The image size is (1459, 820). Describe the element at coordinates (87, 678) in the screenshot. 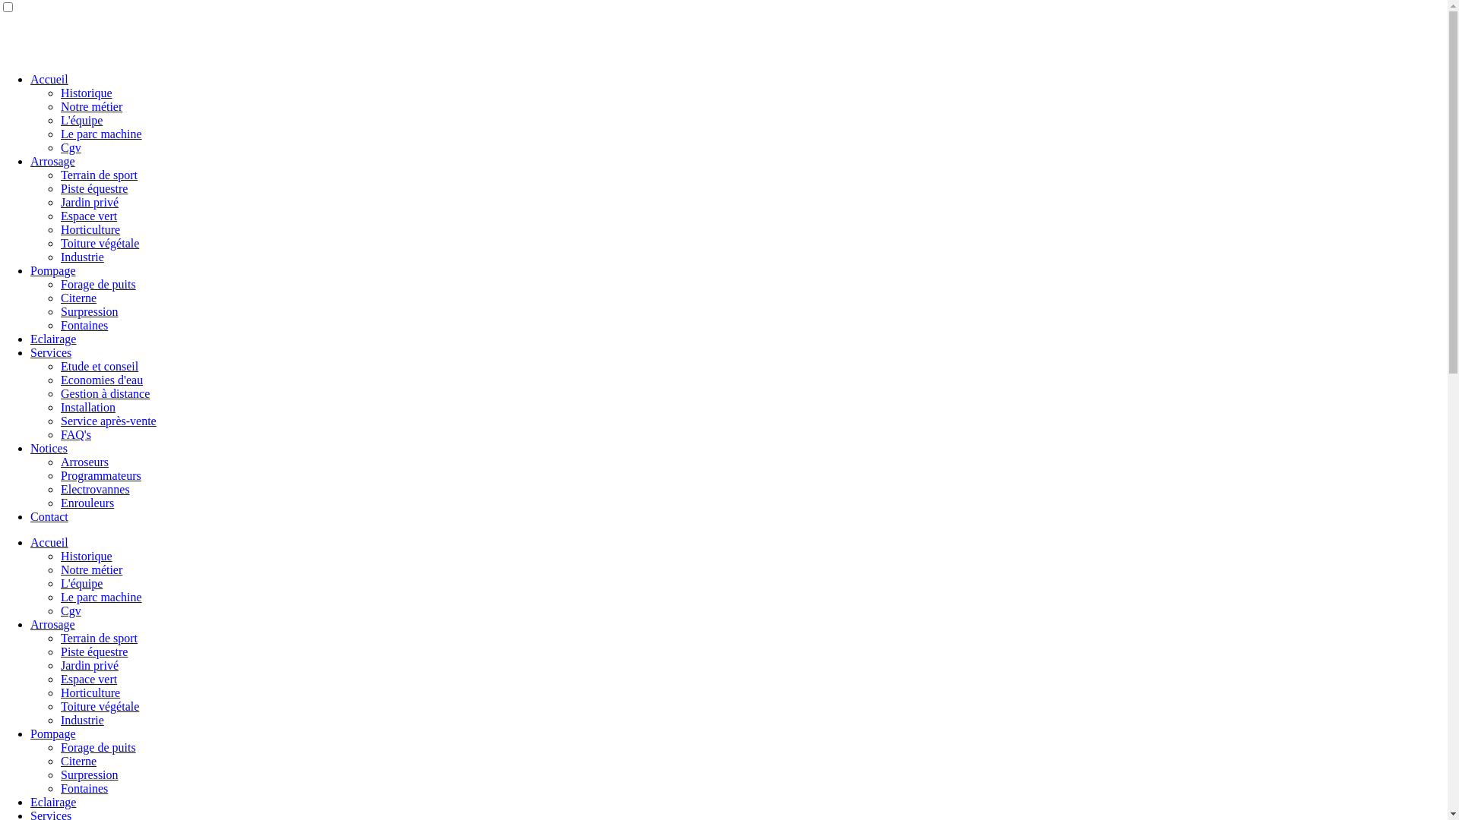

I see `'Espace vert'` at that location.